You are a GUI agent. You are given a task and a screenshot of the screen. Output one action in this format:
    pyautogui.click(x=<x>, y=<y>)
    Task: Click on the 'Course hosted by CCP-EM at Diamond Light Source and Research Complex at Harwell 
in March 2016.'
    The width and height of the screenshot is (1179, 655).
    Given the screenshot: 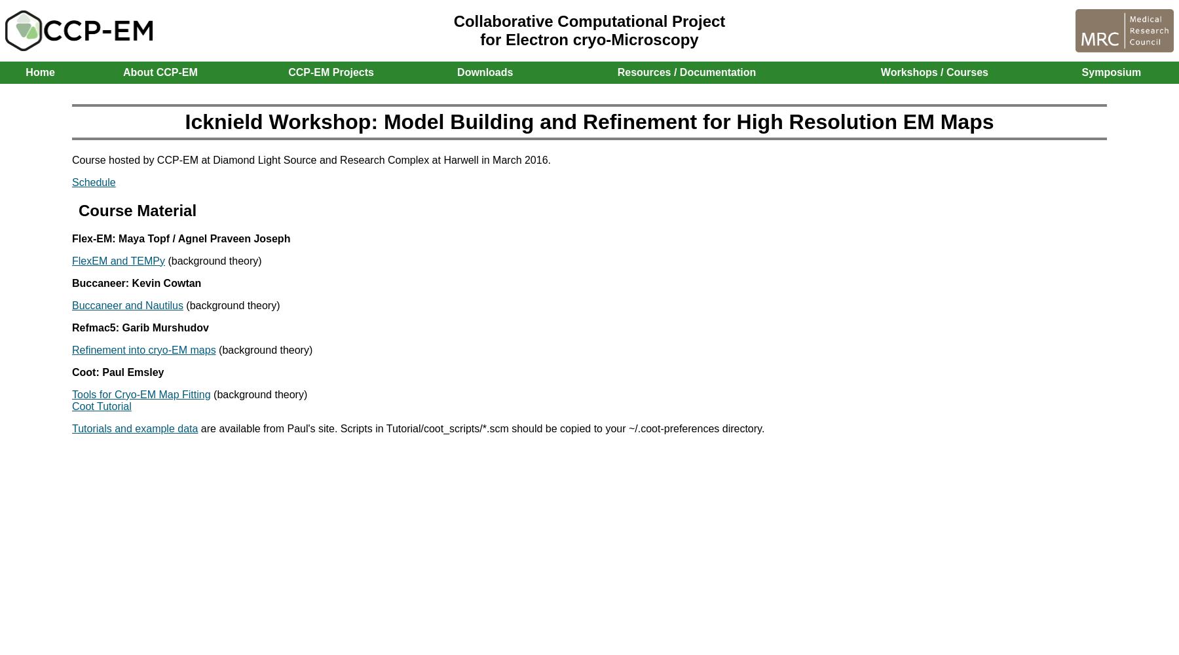 What is the action you would take?
    pyautogui.click(x=310, y=159)
    